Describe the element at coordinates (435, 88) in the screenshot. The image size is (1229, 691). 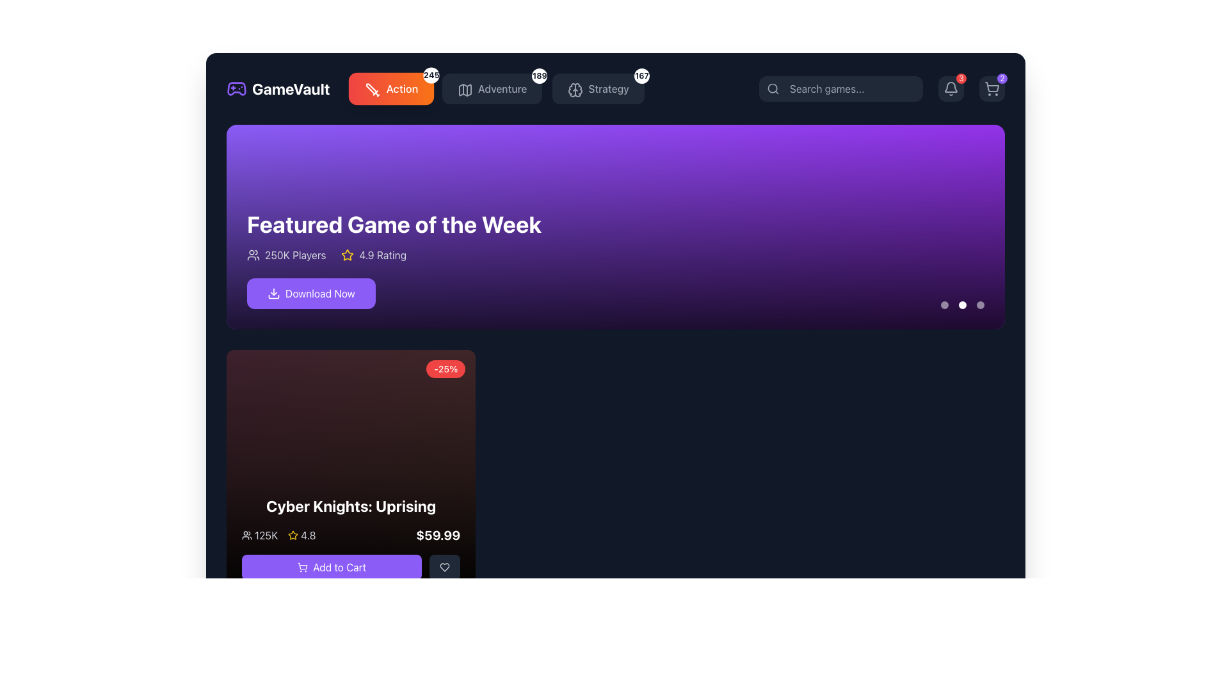
I see `the Navigation bar containing category selection buttons` at that location.